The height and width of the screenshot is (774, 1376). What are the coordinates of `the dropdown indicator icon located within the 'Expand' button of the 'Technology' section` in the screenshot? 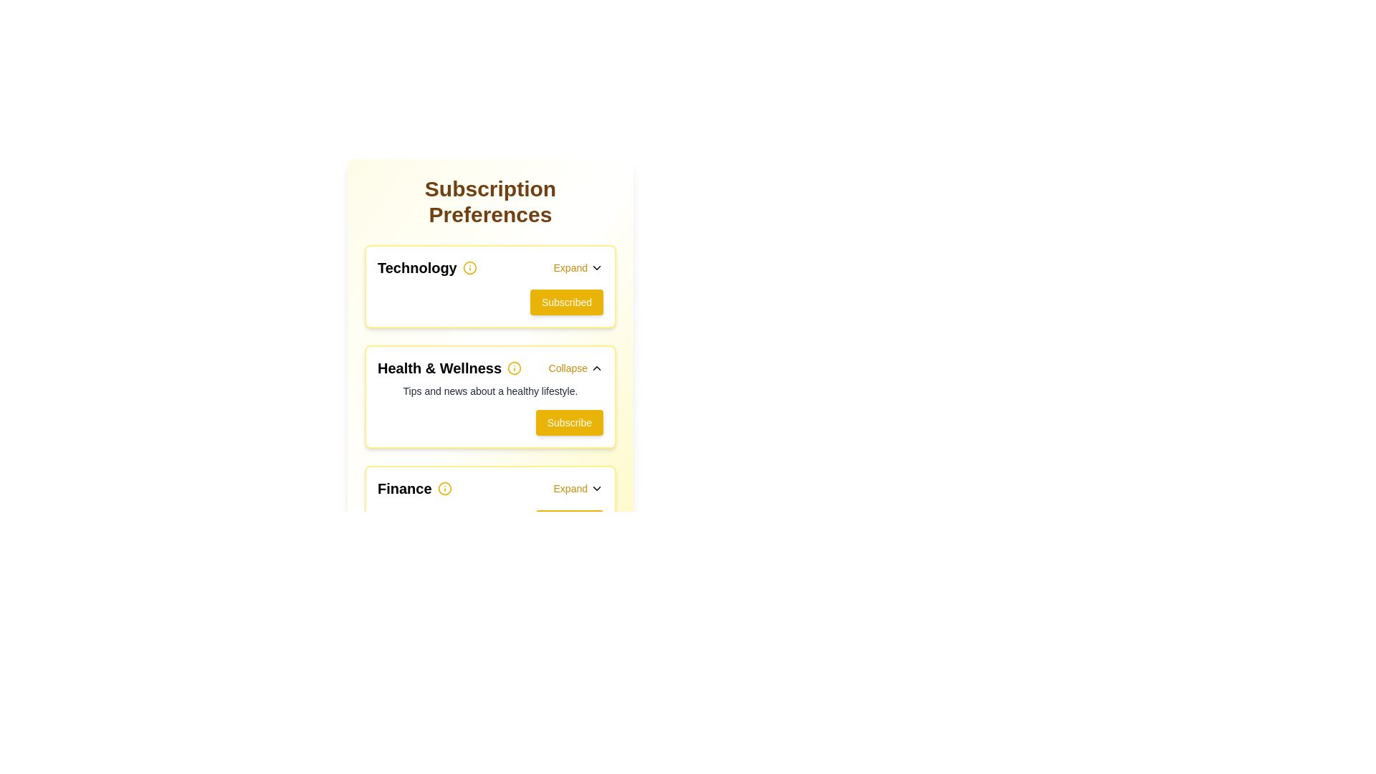 It's located at (597, 268).